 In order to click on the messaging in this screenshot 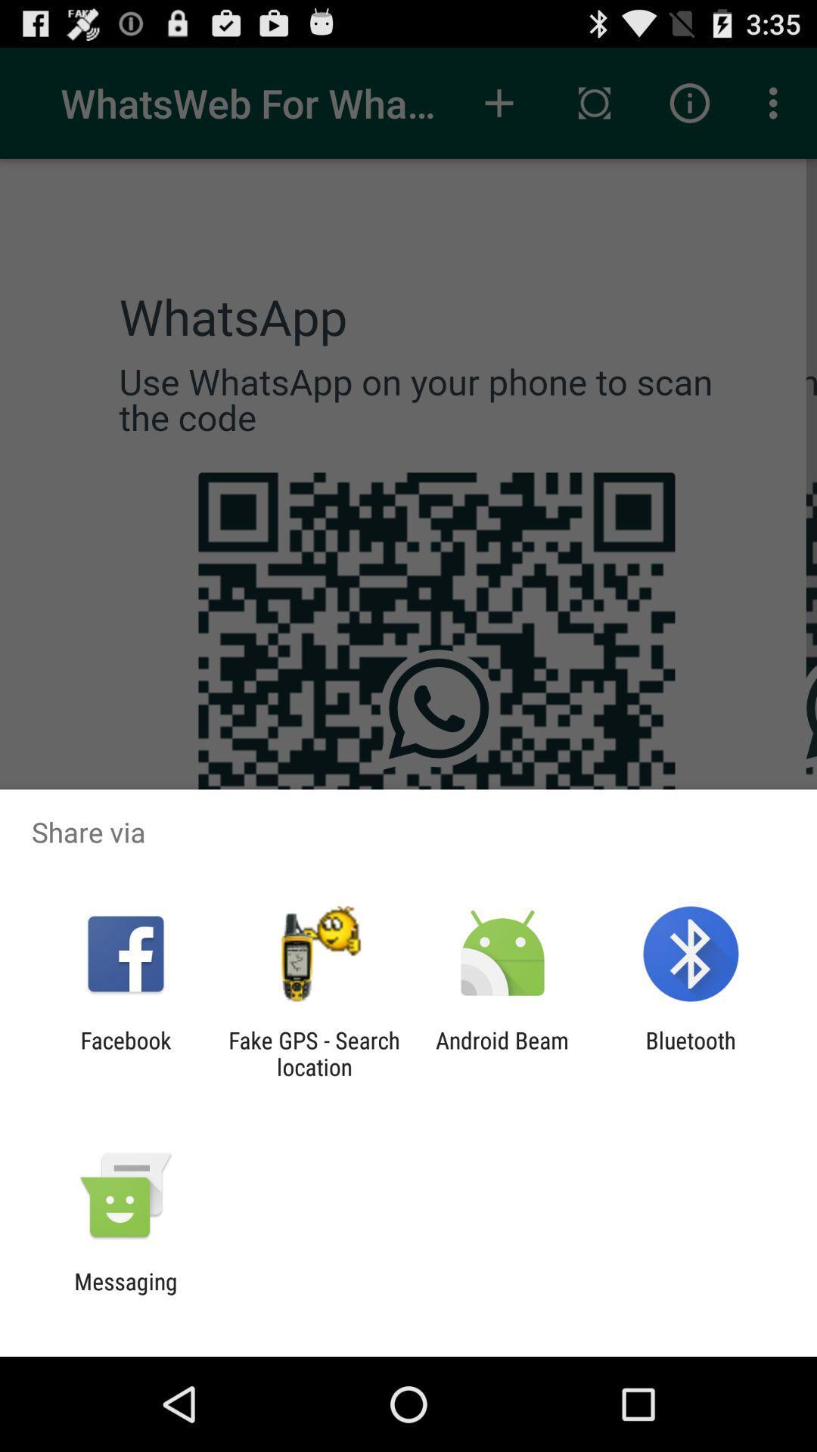, I will do `click(125, 1294)`.